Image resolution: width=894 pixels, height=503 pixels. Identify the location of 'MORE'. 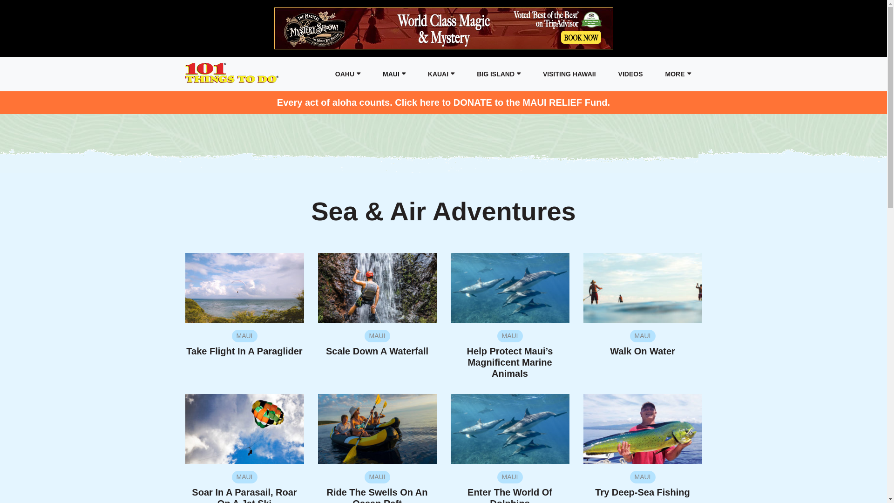
(661, 73).